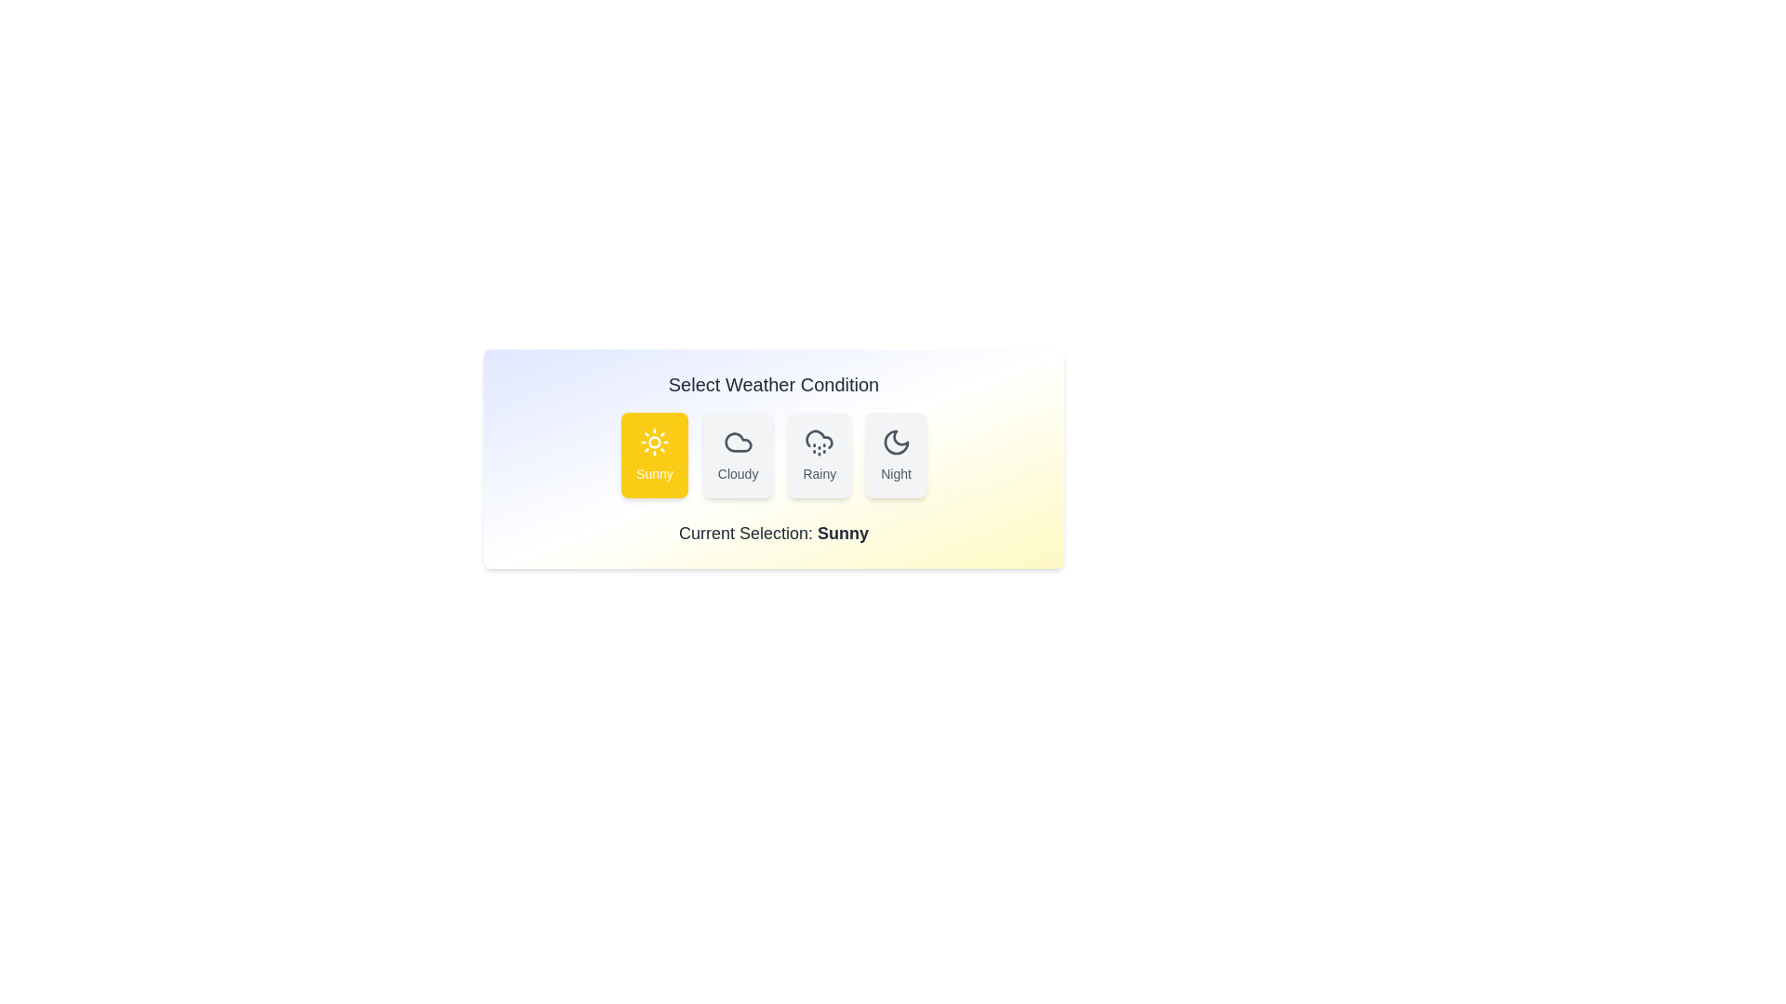 Image resolution: width=1786 pixels, height=1004 pixels. Describe the element at coordinates (896, 455) in the screenshot. I see `the weather button Night to observe its hover effect` at that location.